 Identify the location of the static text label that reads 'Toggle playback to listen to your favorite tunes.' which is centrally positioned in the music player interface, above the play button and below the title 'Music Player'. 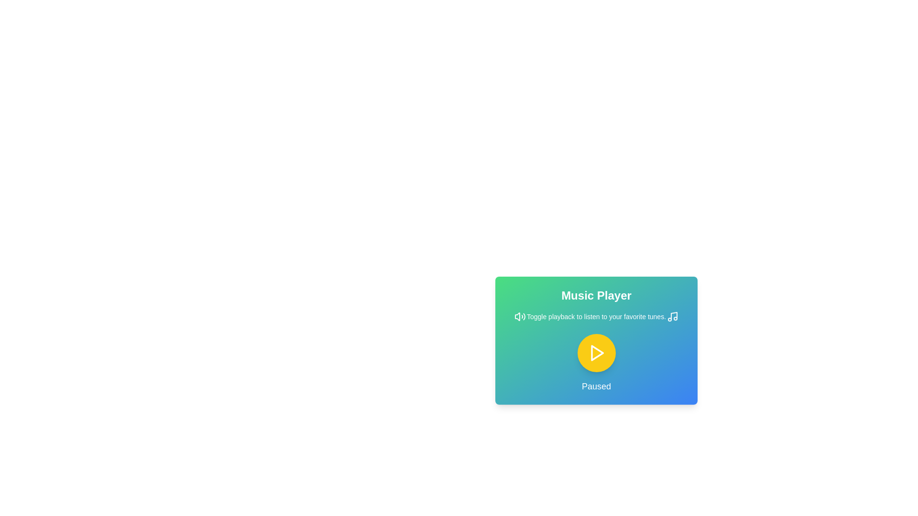
(596, 317).